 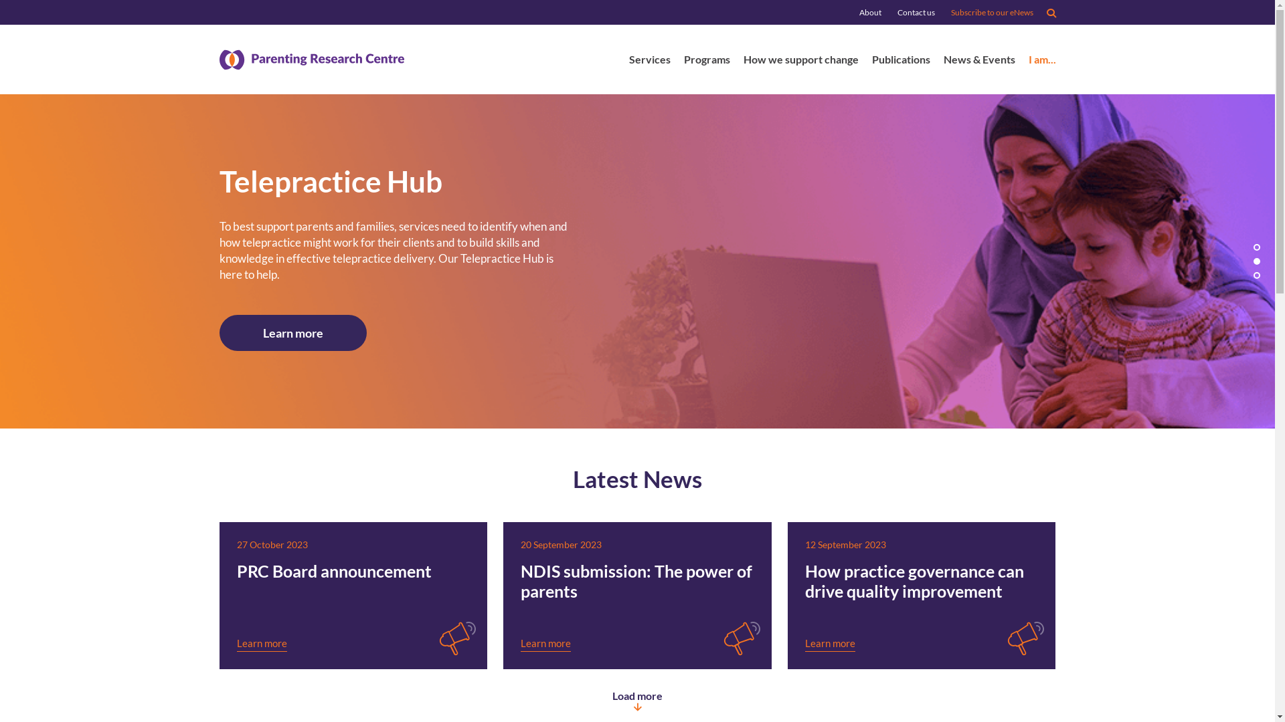 I want to click on 'Load more', so click(x=636, y=699).